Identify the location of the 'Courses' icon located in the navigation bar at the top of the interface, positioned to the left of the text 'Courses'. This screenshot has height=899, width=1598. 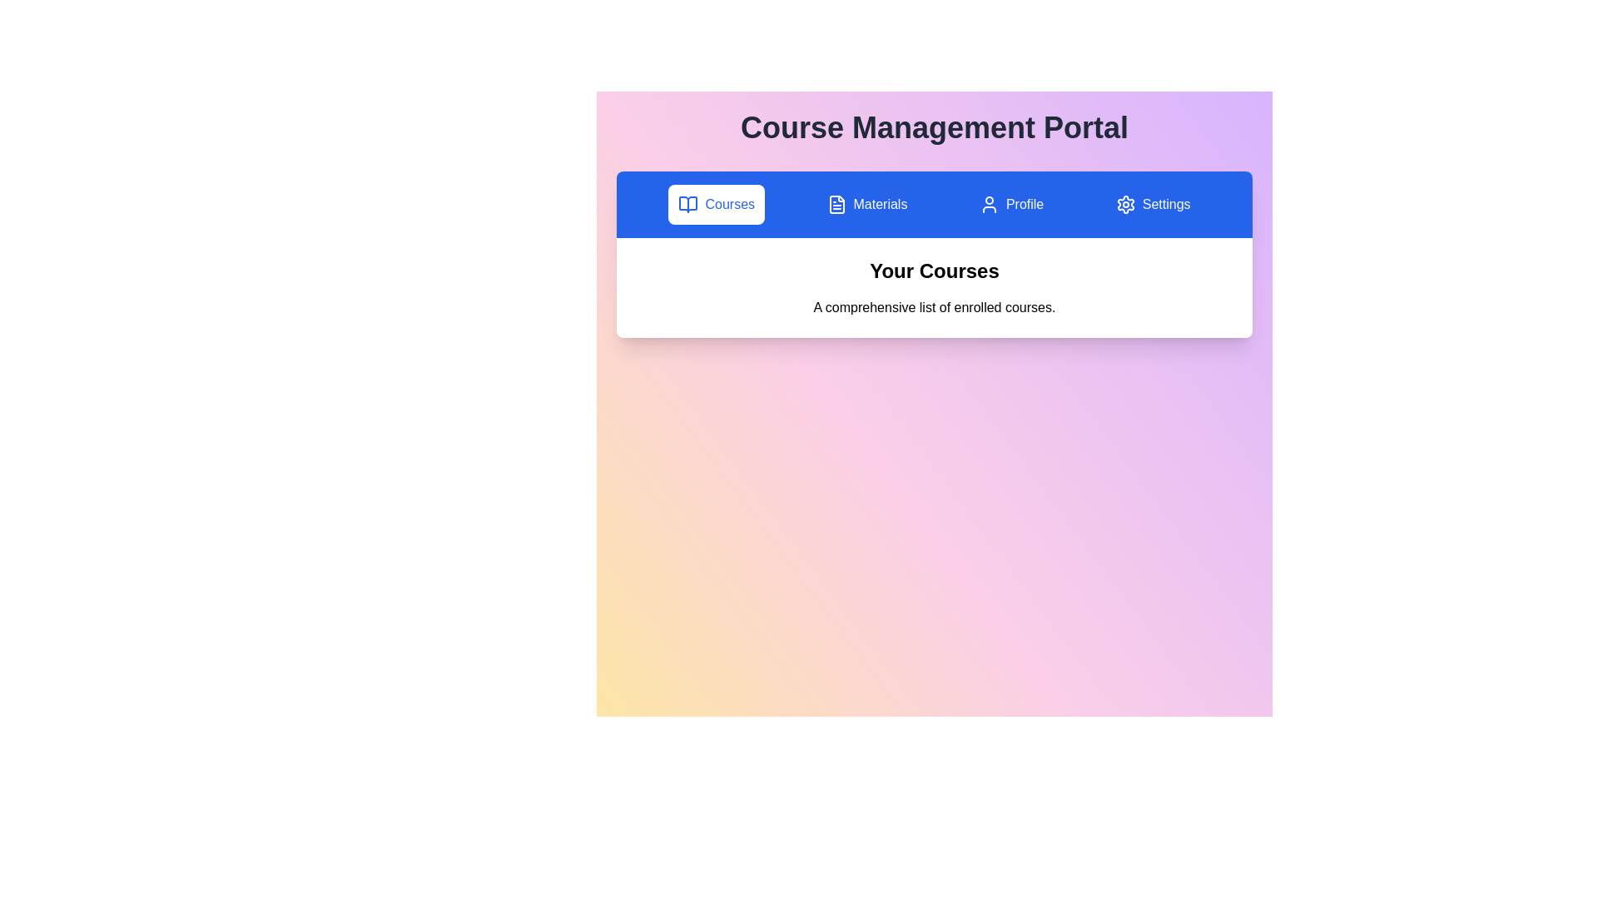
(688, 204).